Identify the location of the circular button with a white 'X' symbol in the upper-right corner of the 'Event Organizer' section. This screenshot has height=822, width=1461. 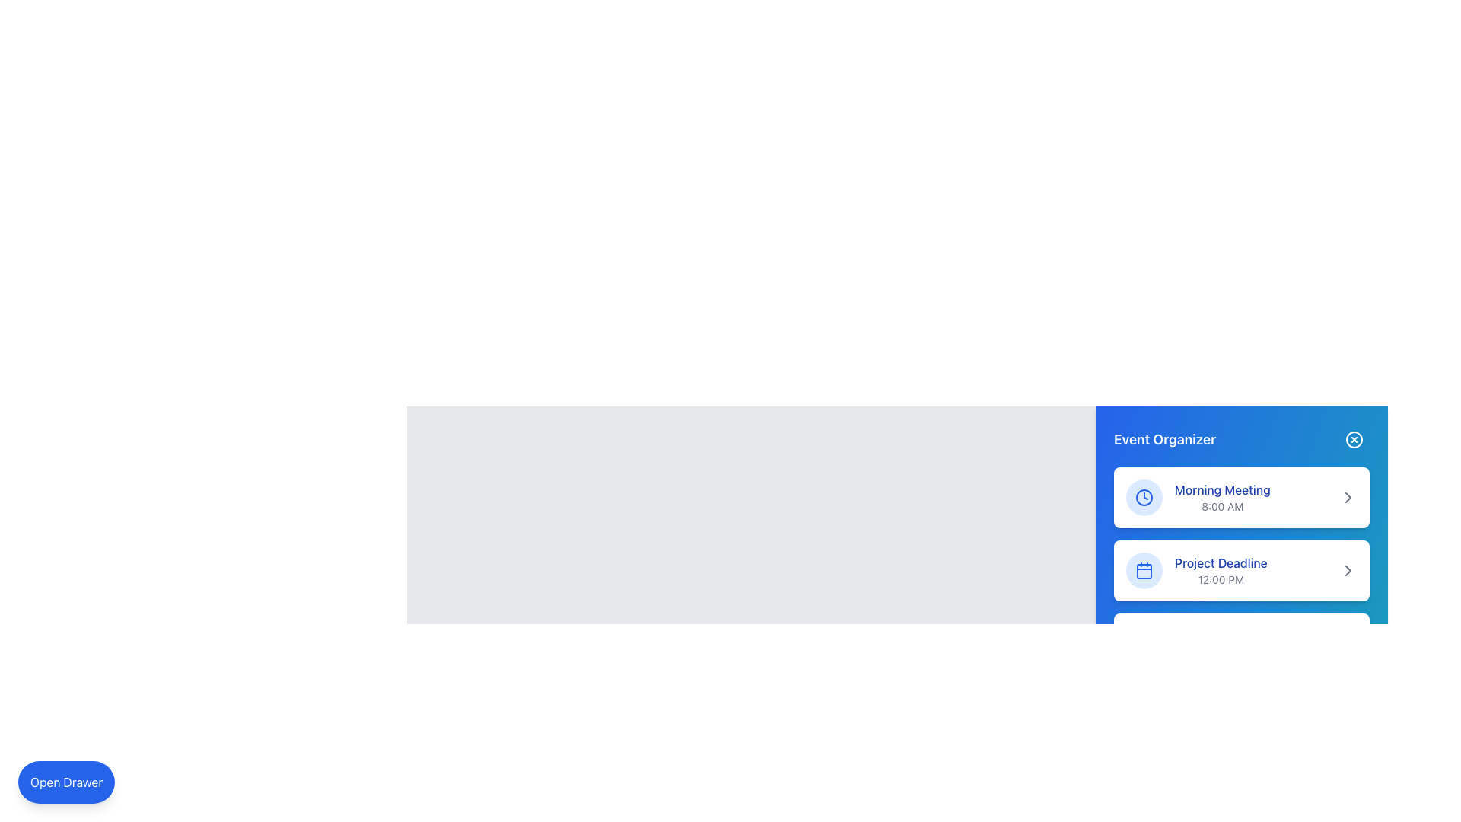
(1354, 440).